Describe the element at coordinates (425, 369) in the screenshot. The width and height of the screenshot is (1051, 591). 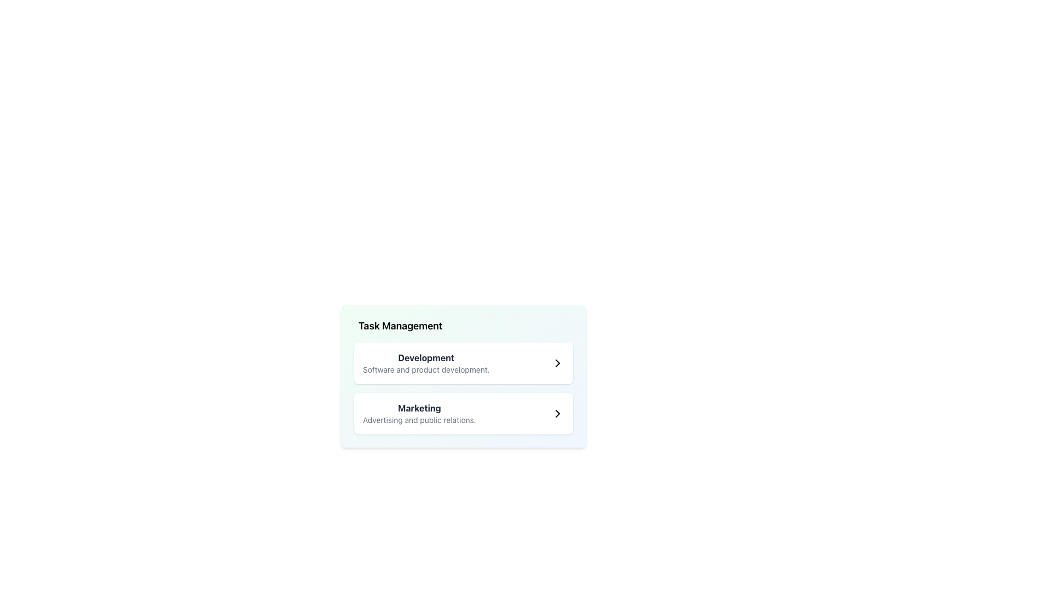
I see `the static text label displaying 'Software and product development.' located below the bold title 'Development'` at that location.